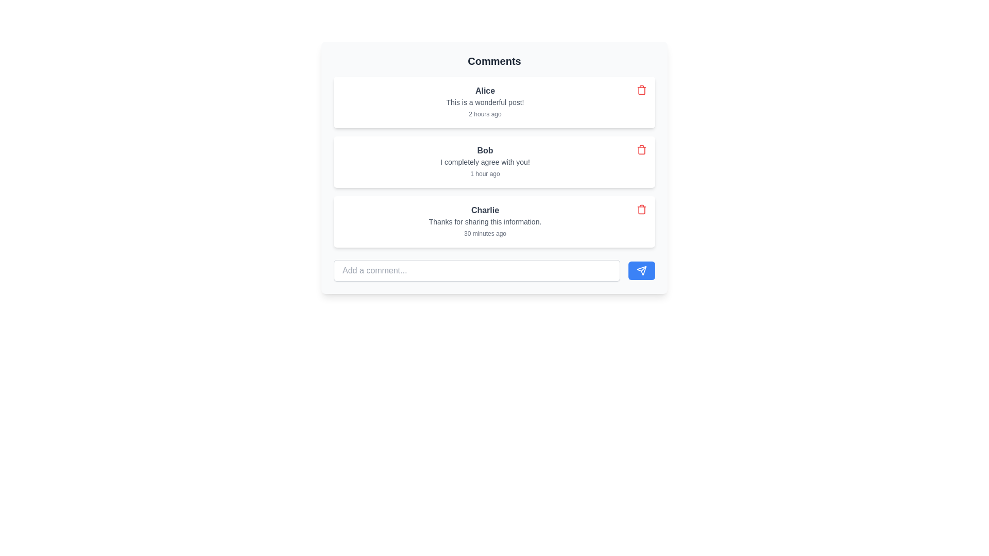 This screenshot has height=556, width=989. Describe the element at coordinates (641, 270) in the screenshot. I see `the send icon within the blue button located to the right of the text input field below the comments section` at that location.